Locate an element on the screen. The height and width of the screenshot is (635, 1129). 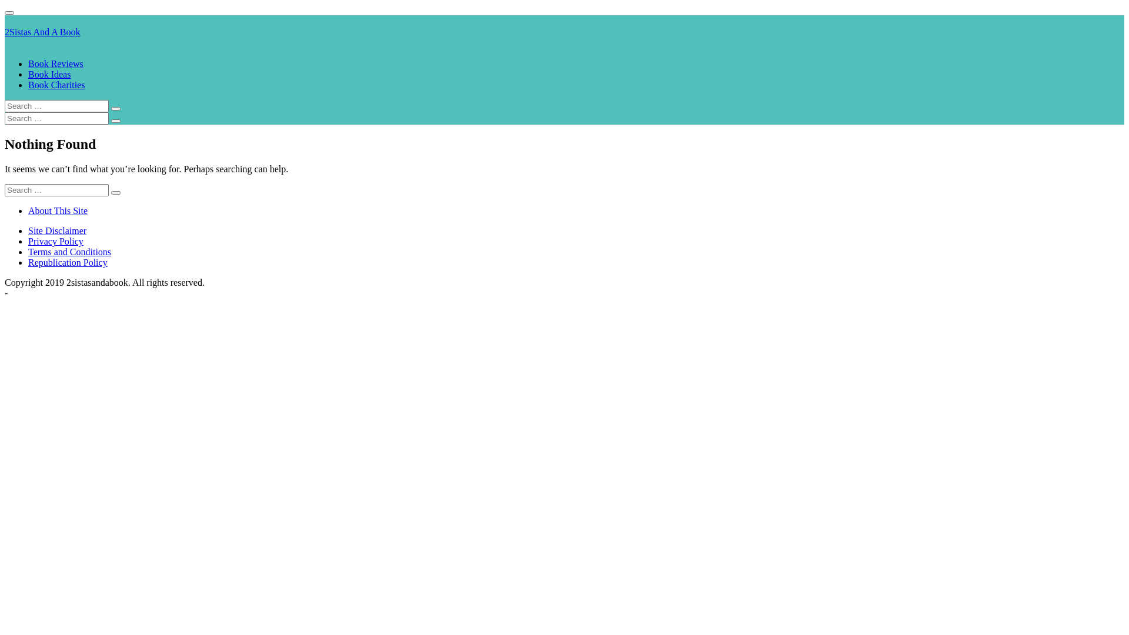
'Book Charities' is located at coordinates (28, 84).